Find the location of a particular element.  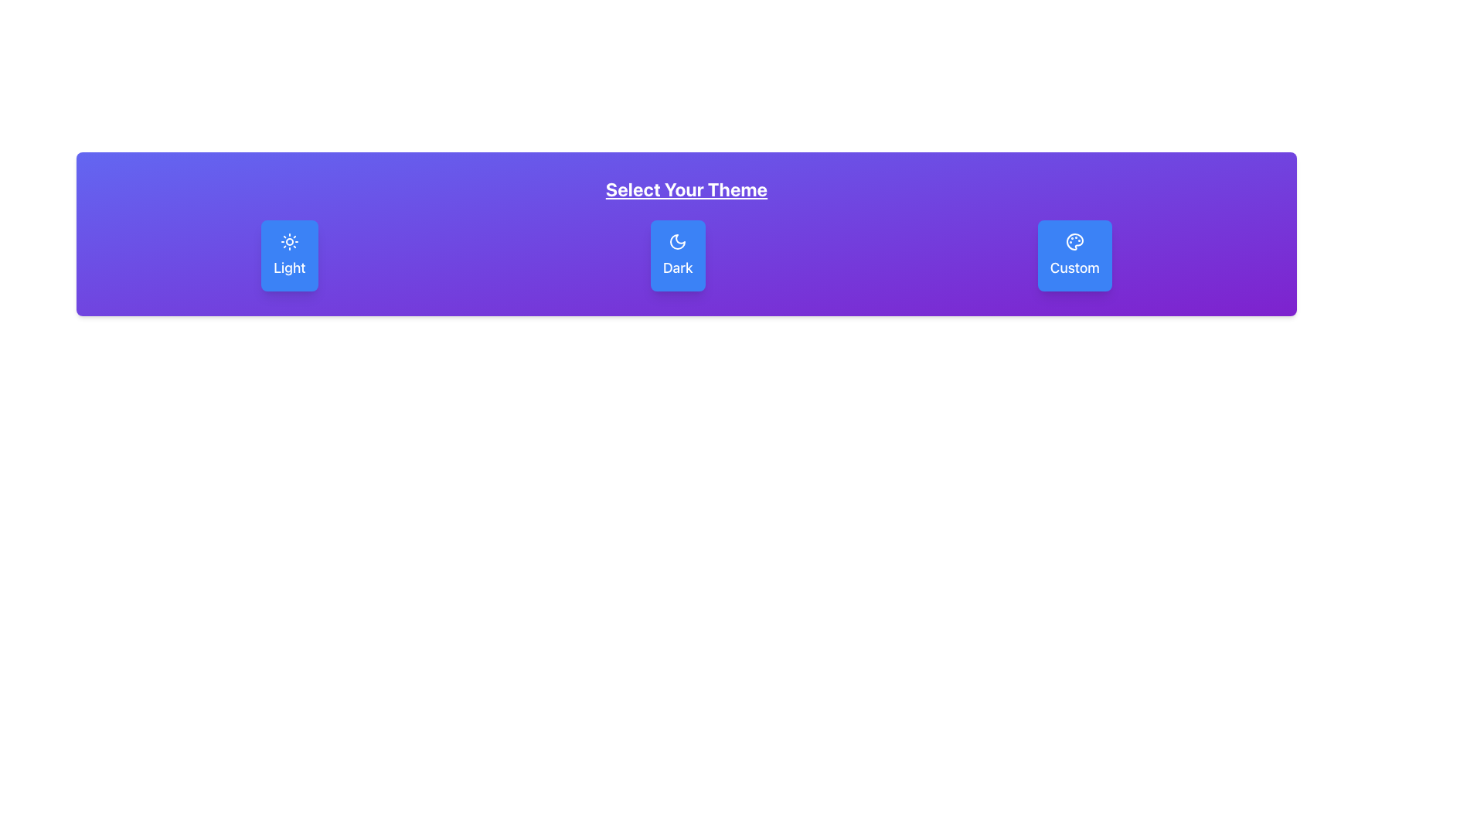

the 'Custom' button, which is a rectangular button with a light blue background and a painter's palette icon at the top center is located at coordinates (1074, 255).